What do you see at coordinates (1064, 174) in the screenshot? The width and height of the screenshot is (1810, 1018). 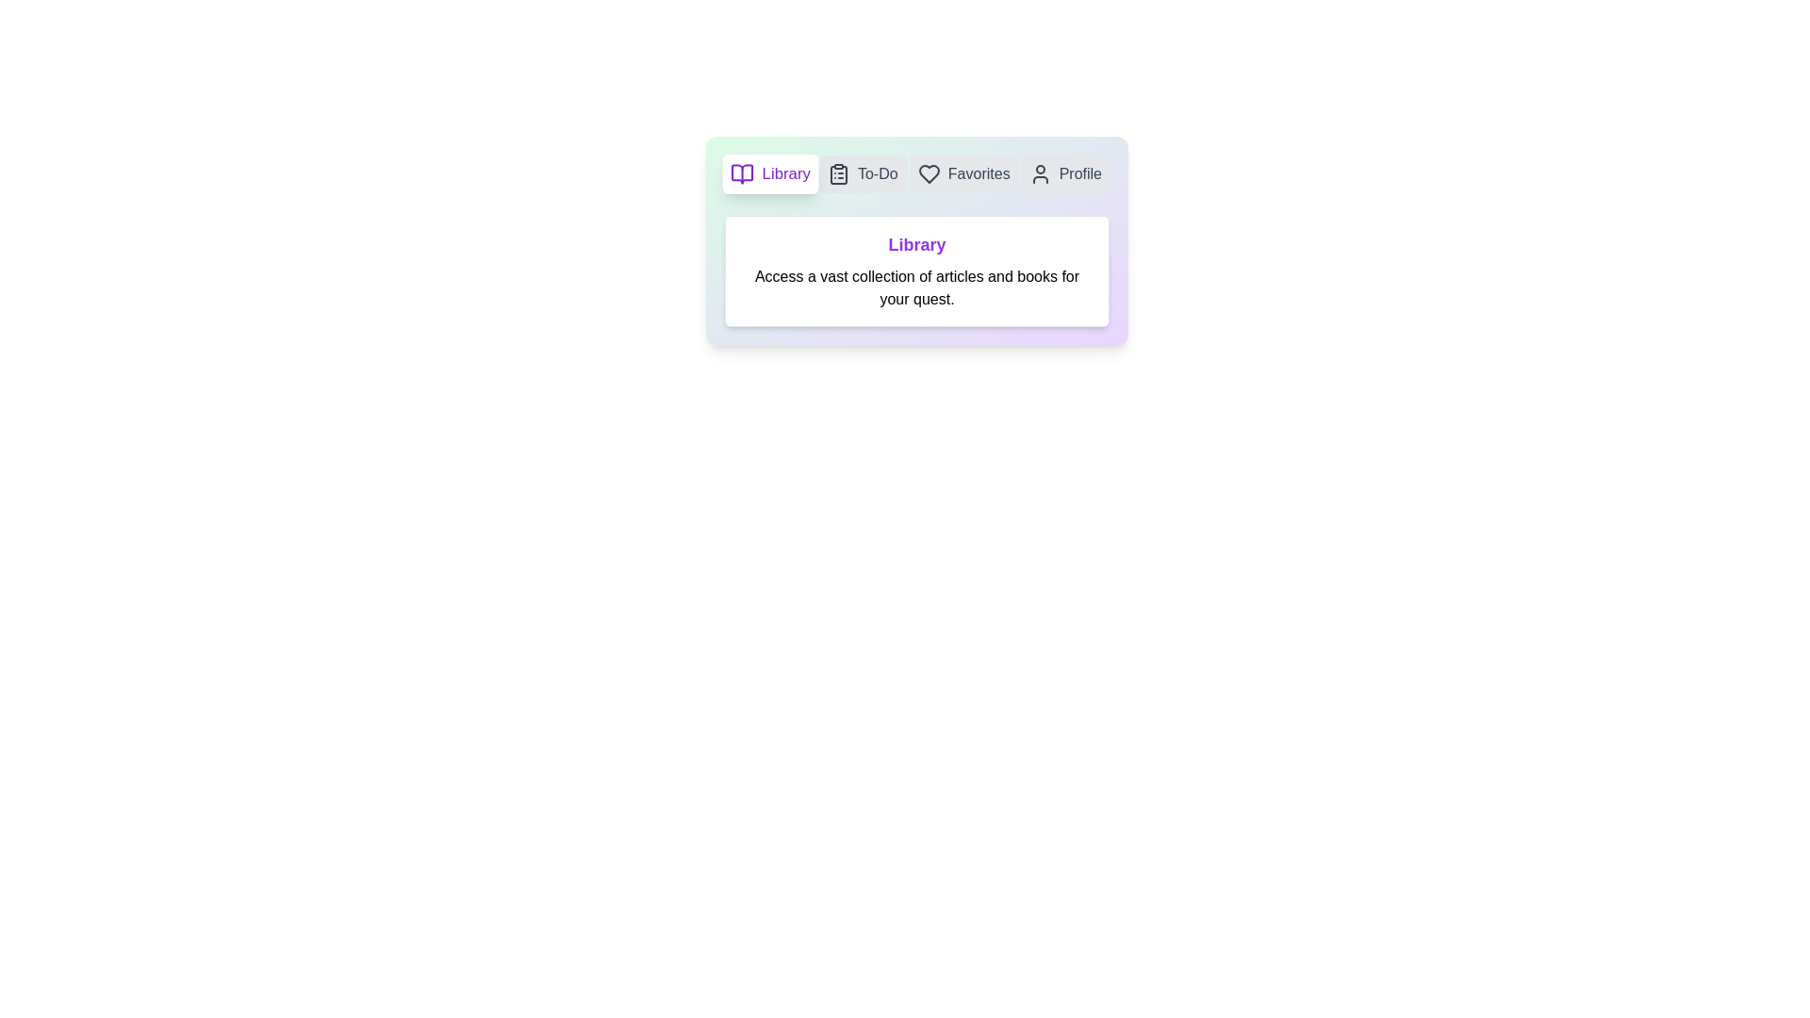 I see `the tab labeled Profile to view its content` at bounding box center [1064, 174].